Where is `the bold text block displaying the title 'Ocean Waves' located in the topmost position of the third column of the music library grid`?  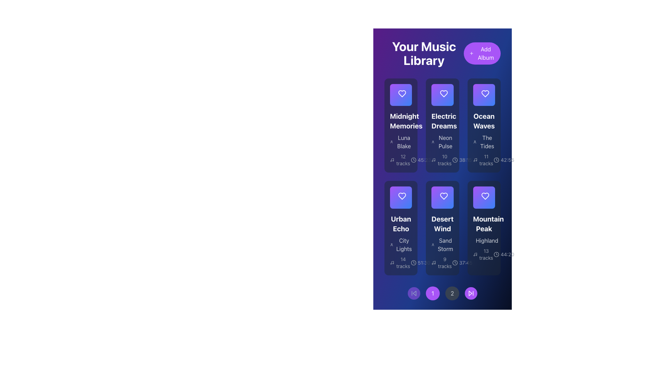
the bold text block displaying the title 'Ocean Waves' located in the topmost position of the third column of the music library grid is located at coordinates (484, 121).